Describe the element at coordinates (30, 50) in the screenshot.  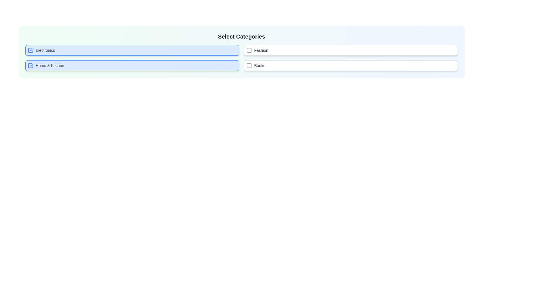
I see `the blue checkmark icon next to the 'Electronics' label` at that location.